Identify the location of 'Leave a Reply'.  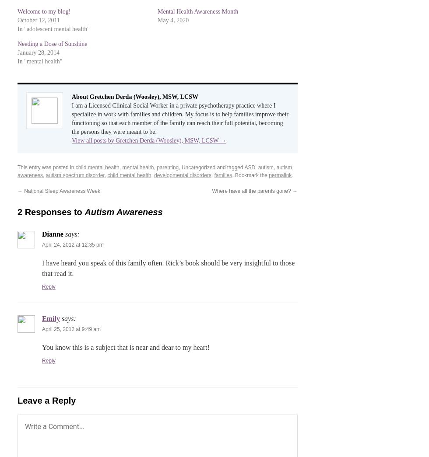
(46, 401).